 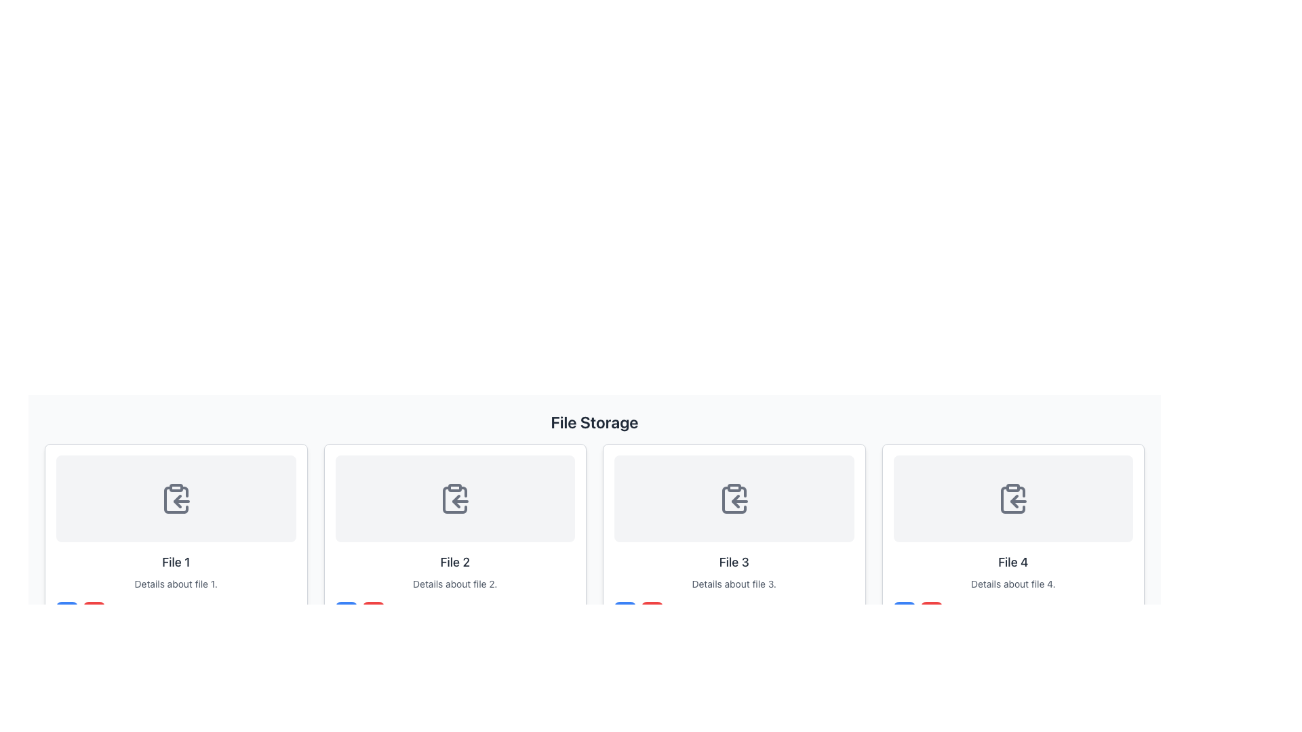 What do you see at coordinates (455, 500) in the screenshot?
I see `the clipboard icon with an inward-pointing arrow located in the second column of the 'File Storage' grid to initiate its related functionality` at bounding box center [455, 500].